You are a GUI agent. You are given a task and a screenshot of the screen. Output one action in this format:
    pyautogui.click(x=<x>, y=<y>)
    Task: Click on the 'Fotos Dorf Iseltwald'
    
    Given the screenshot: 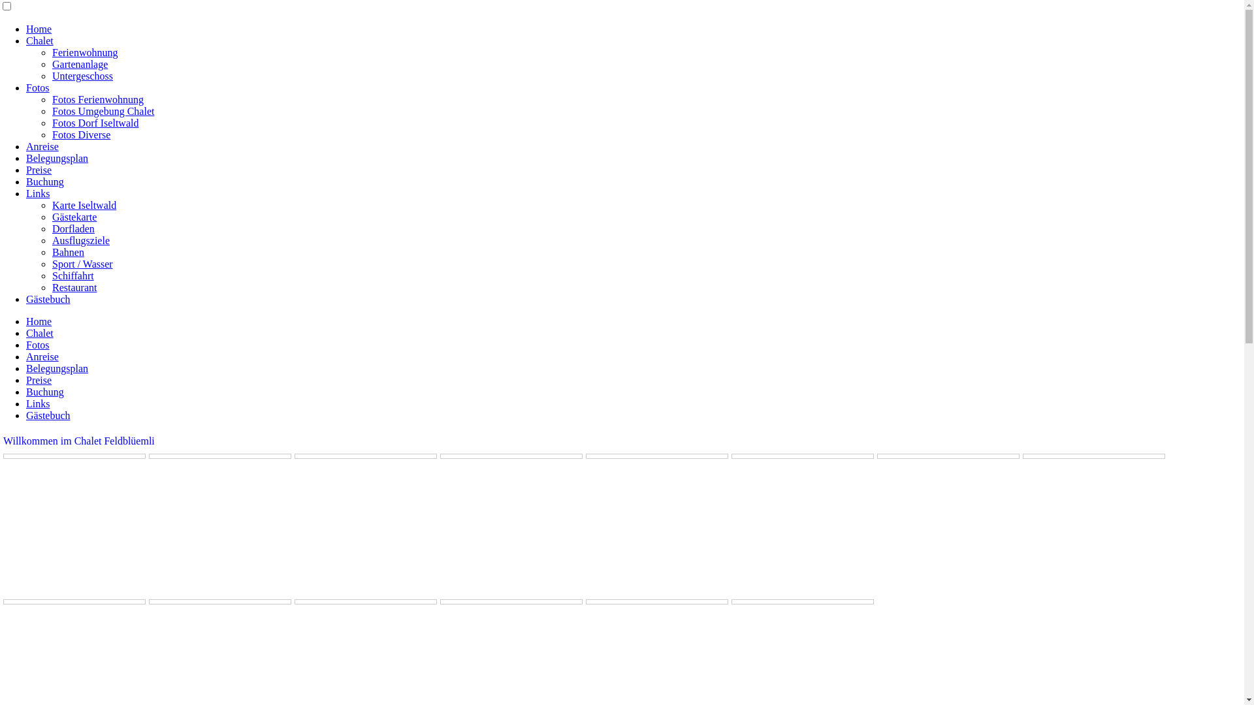 What is the action you would take?
    pyautogui.click(x=52, y=123)
    